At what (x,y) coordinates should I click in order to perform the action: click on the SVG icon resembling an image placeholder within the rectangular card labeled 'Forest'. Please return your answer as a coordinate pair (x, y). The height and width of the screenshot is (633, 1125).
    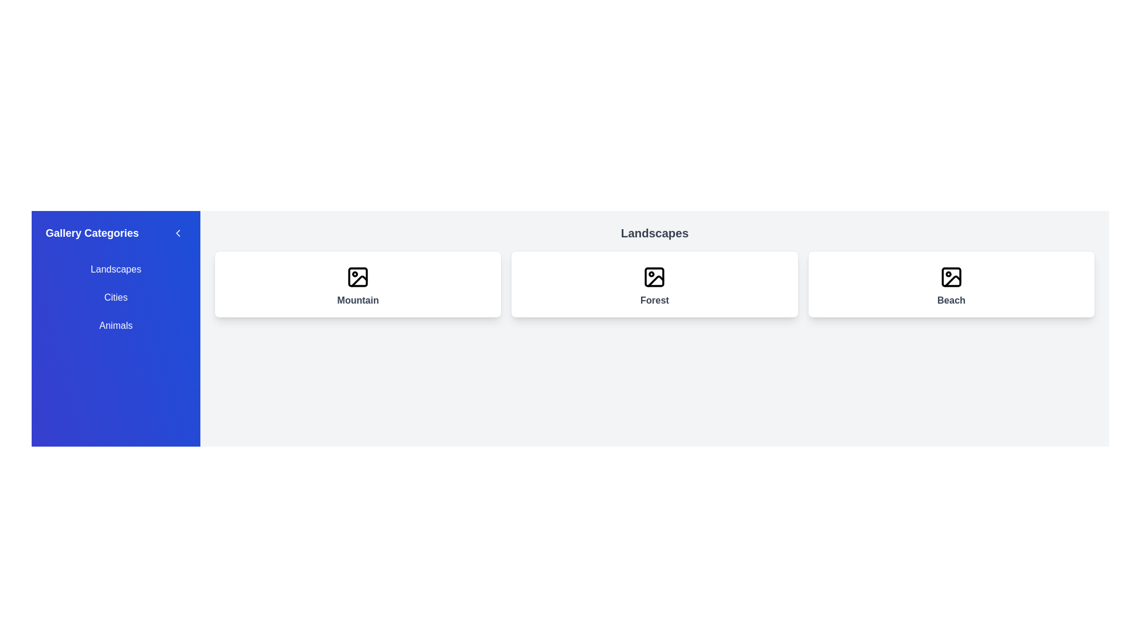
    Looking at the image, I should click on (654, 277).